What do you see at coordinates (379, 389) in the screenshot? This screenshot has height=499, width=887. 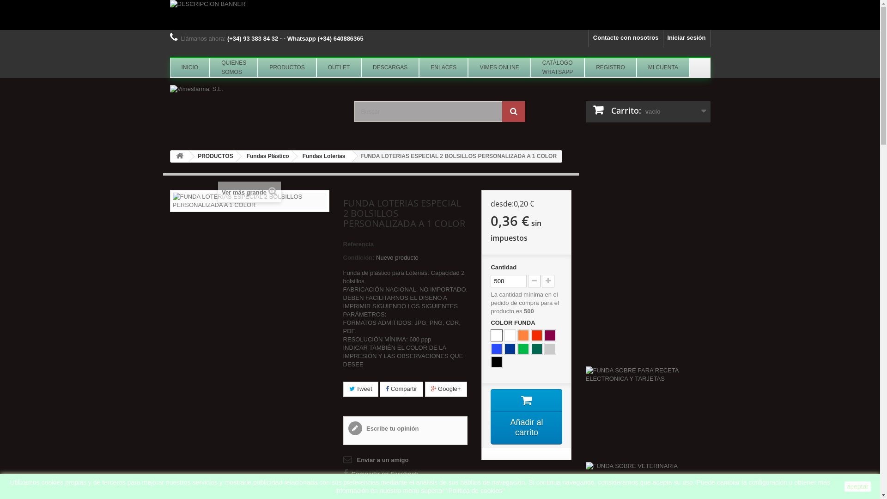 I see `'Compartir'` at bounding box center [379, 389].